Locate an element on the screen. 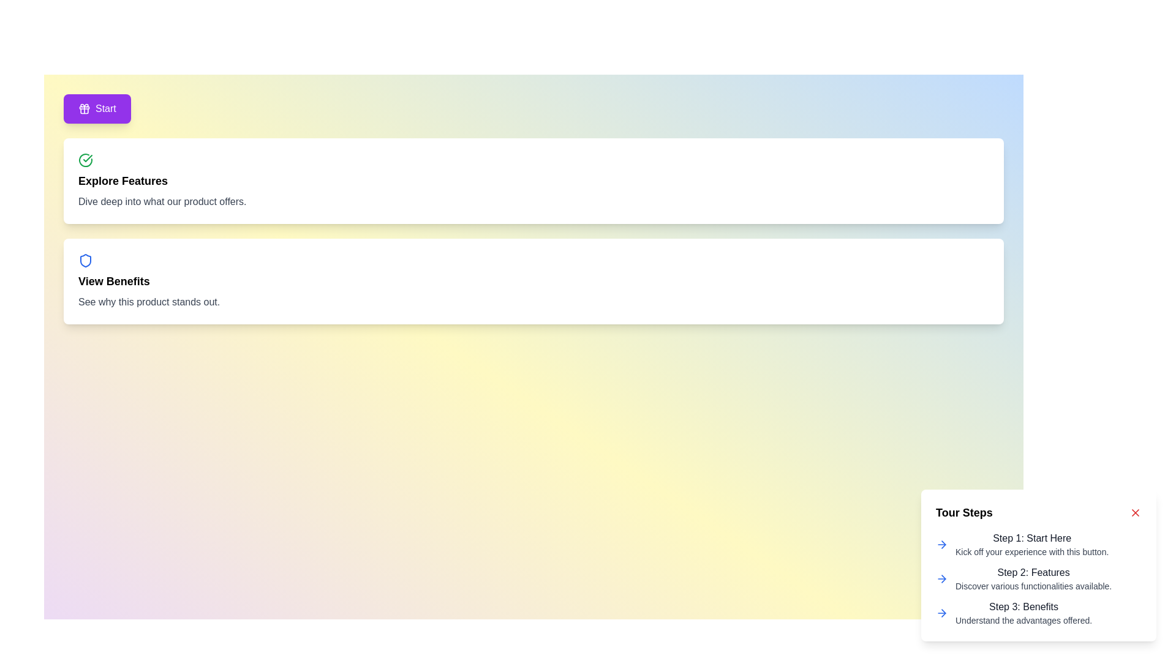 This screenshot has width=1176, height=661. the rightward-pointing arrow icon in the 'Step 2: Features' section of the 'Tour Steps' popup, which is styled with a thin blue stroke and comprises three segments forming an arrowhead is located at coordinates (943, 613).